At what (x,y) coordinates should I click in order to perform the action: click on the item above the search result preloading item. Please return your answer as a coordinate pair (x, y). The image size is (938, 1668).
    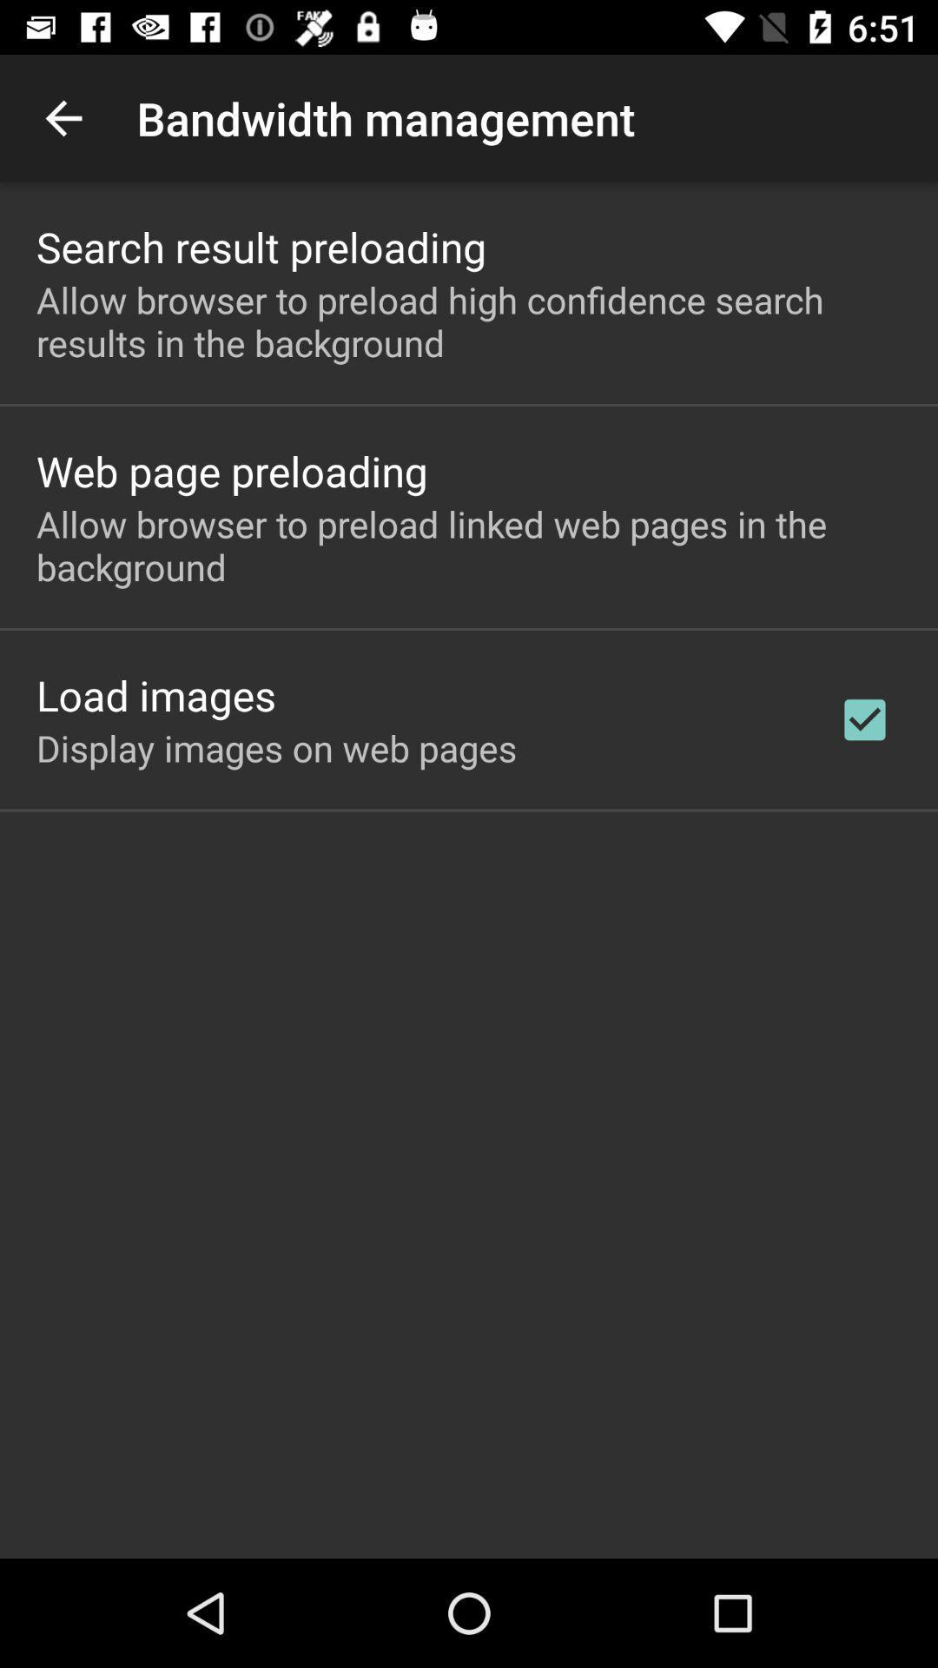
    Looking at the image, I should click on (63, 117).